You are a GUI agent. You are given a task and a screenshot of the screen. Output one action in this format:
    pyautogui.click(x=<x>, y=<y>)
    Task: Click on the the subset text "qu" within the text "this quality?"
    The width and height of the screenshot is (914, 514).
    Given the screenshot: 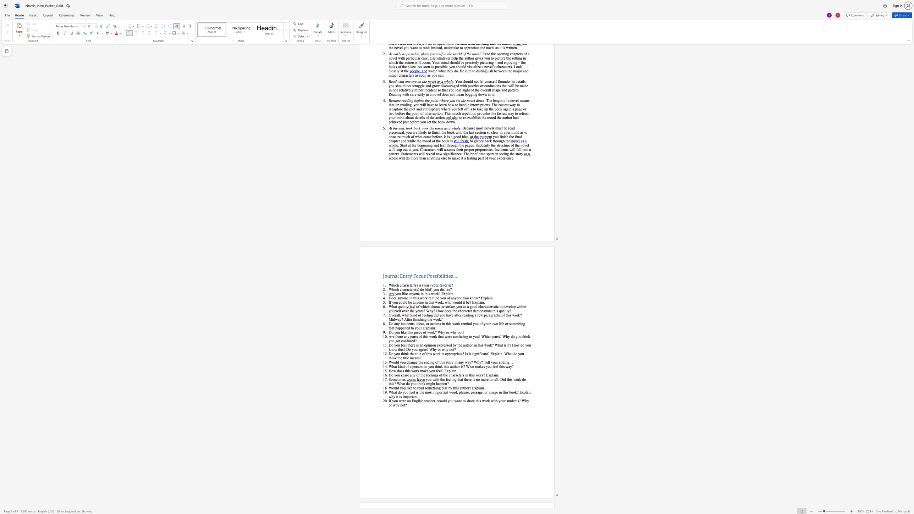 What is the action you would take?
    pyautogui.click(x=499, y=310)
    